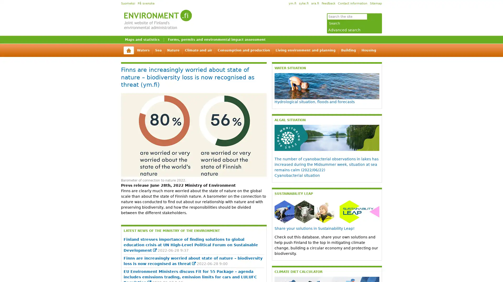 The width and height of the screenshot is (503, 282). What do you see at coordinates (334, 23) in the screenshot?
I see `Search` at bounding box center [334, 23].